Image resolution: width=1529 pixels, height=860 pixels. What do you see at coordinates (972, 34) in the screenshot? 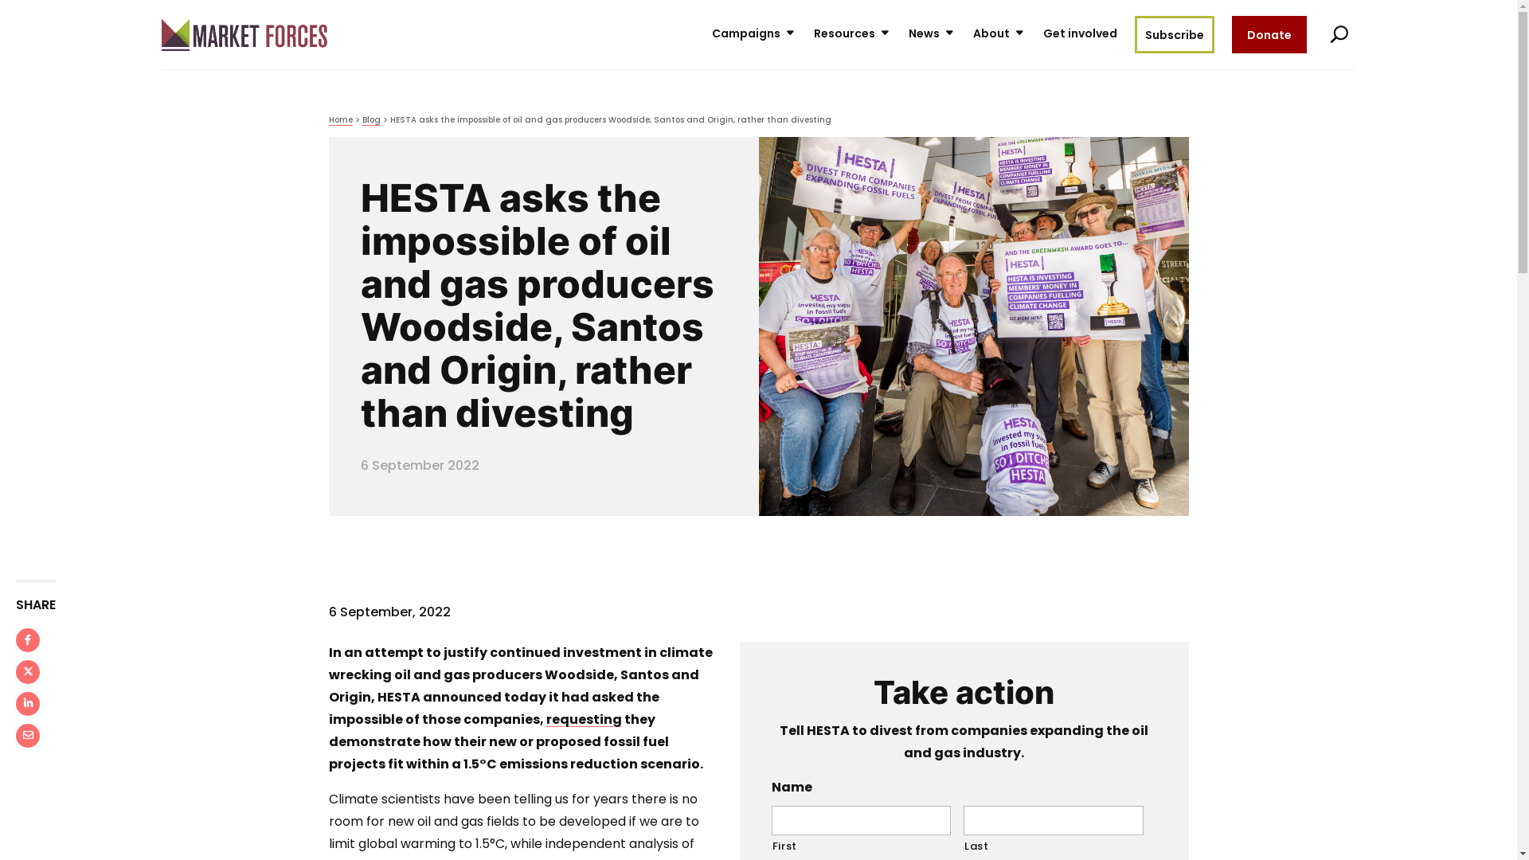
I see `'About'` at bounding box center [972, 34].